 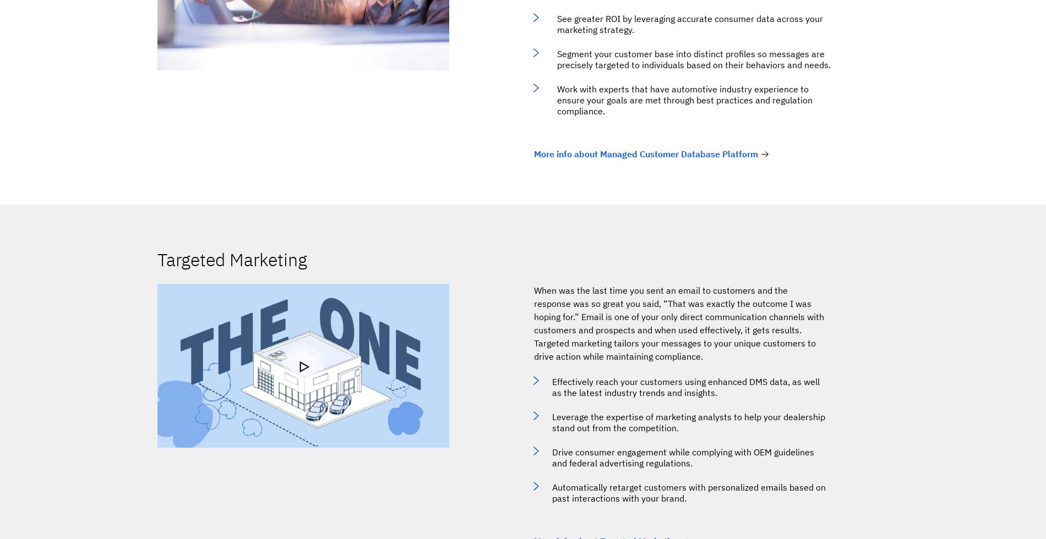 What do you see at coordinates (685, 387) in the screenshot?
I see `'Effectively reach your customers using enhanced DMS data, as well as the latest industry trends and insights.'` at bounding box center [685, 387].